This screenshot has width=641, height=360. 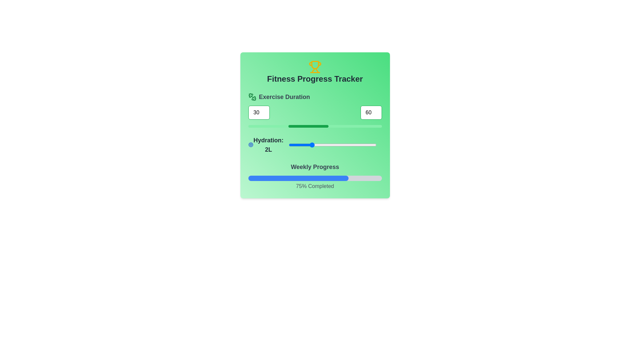 I want to click on the bold, large-font title 'Fitness Progress Tracker' which is styled in dark color against a gradient green background, positioned beneath a trophy icon and above progress tracking components, so click(x=314, y=78).